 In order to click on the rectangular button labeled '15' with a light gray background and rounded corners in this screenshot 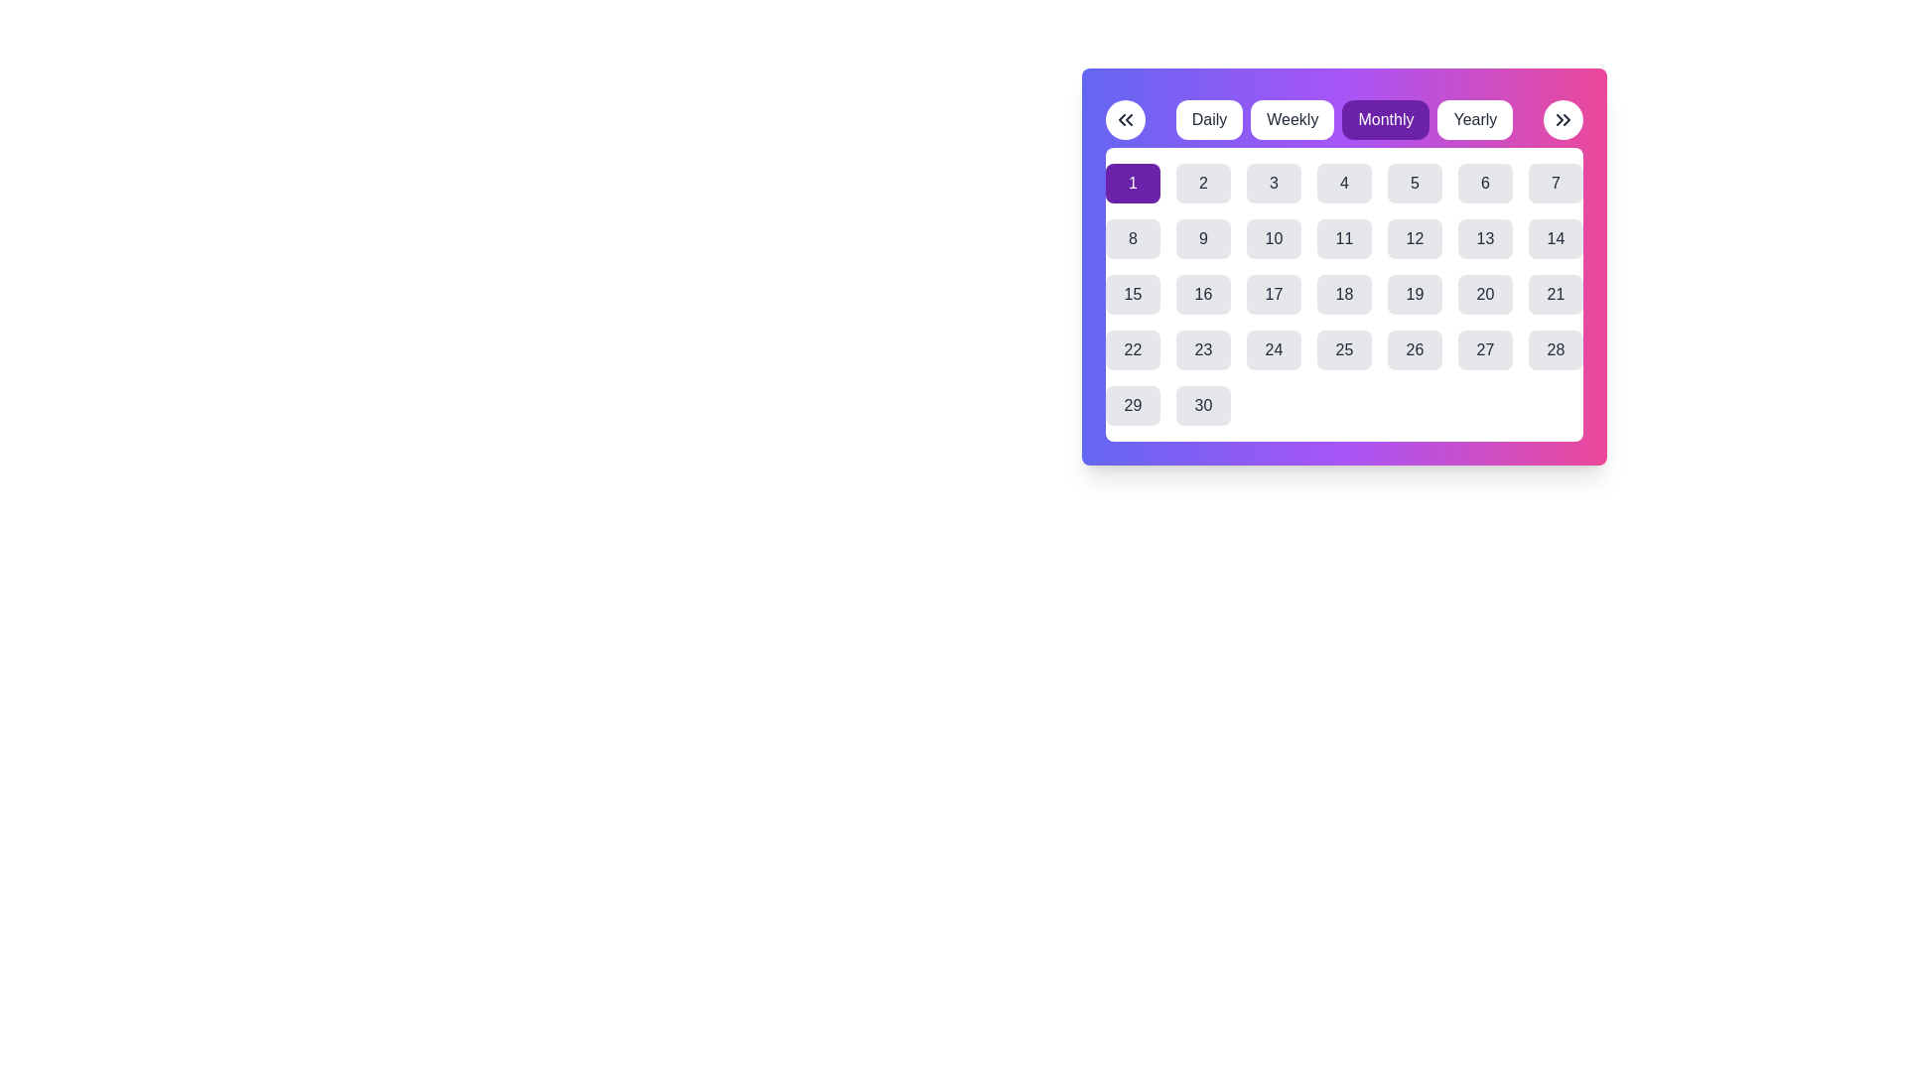, I will do `click(1133, 295)`.